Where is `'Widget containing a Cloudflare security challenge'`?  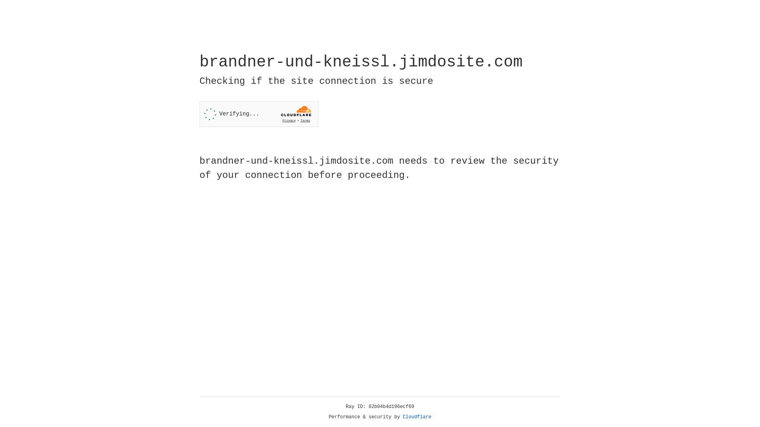 'Widget containing a Cloudflare security challenge' is located at coordinates (258, 114).